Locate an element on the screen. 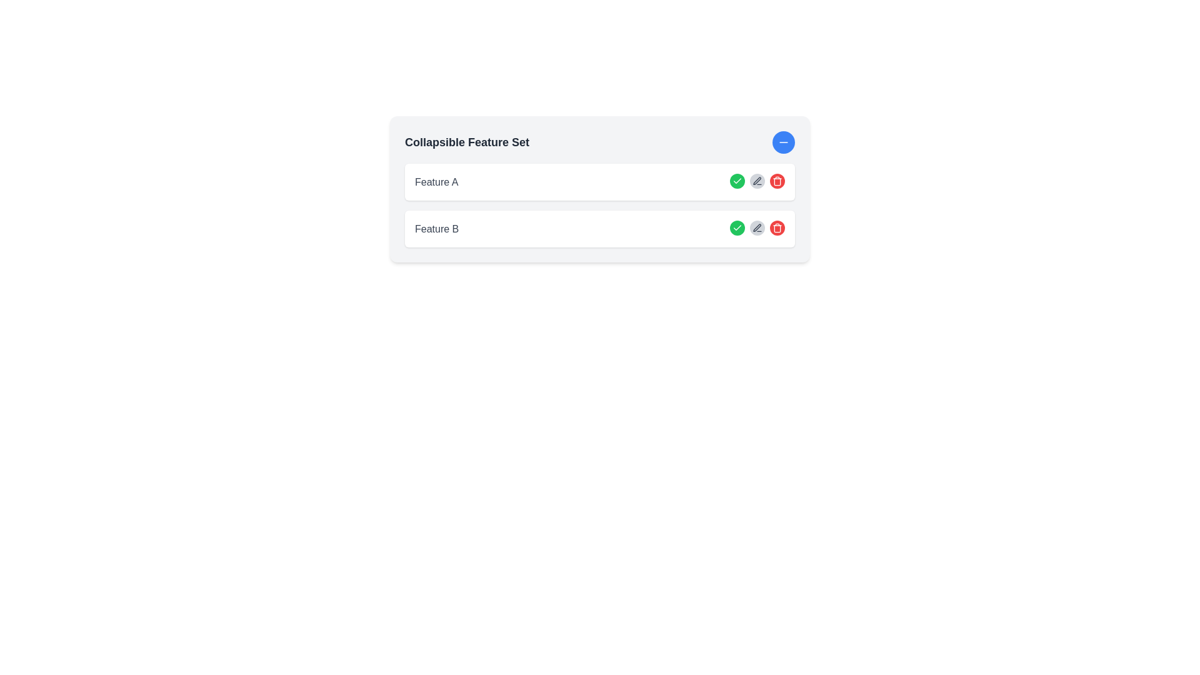 This screenshot has width=1200, height=675. the red trash can button, which serves as the delete function for the associated feature item is located at coordinates (776, 181).